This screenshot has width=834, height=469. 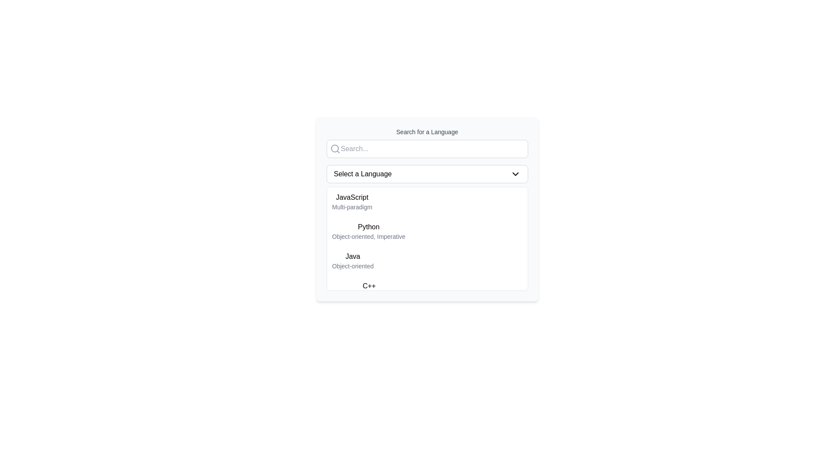 I want to click on the text label displaying 'C++' which is bold and serves as a heading in the dropdown interface, so click(x=369, y=286).